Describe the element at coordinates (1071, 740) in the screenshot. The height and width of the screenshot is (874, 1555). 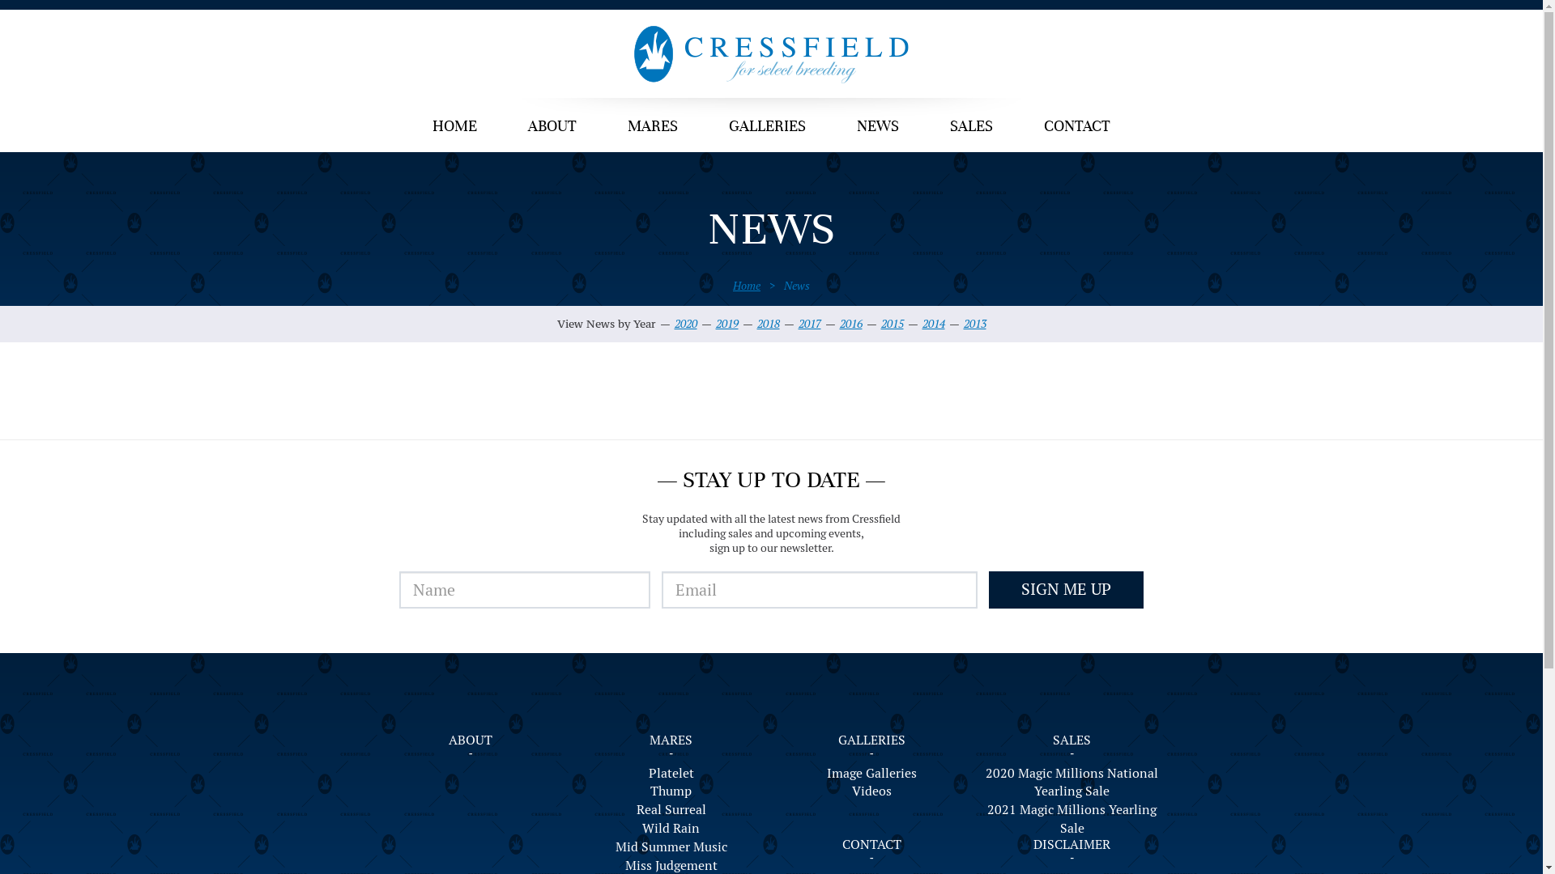
I see `'SALES'` at that location.